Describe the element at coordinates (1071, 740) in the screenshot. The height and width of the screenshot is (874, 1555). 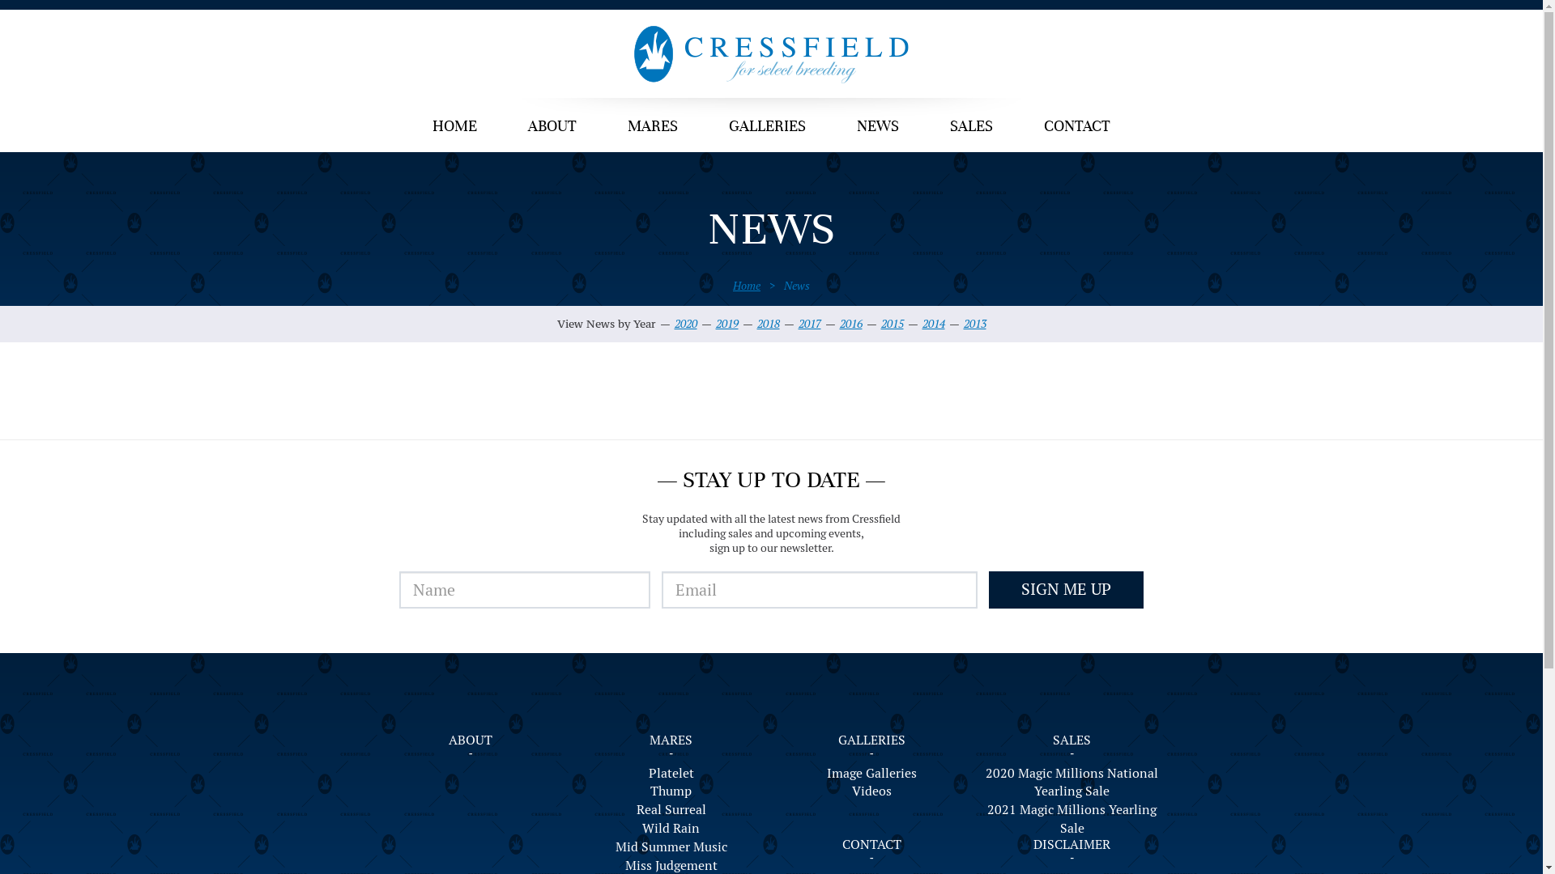
I see `'SALES'` at that location.